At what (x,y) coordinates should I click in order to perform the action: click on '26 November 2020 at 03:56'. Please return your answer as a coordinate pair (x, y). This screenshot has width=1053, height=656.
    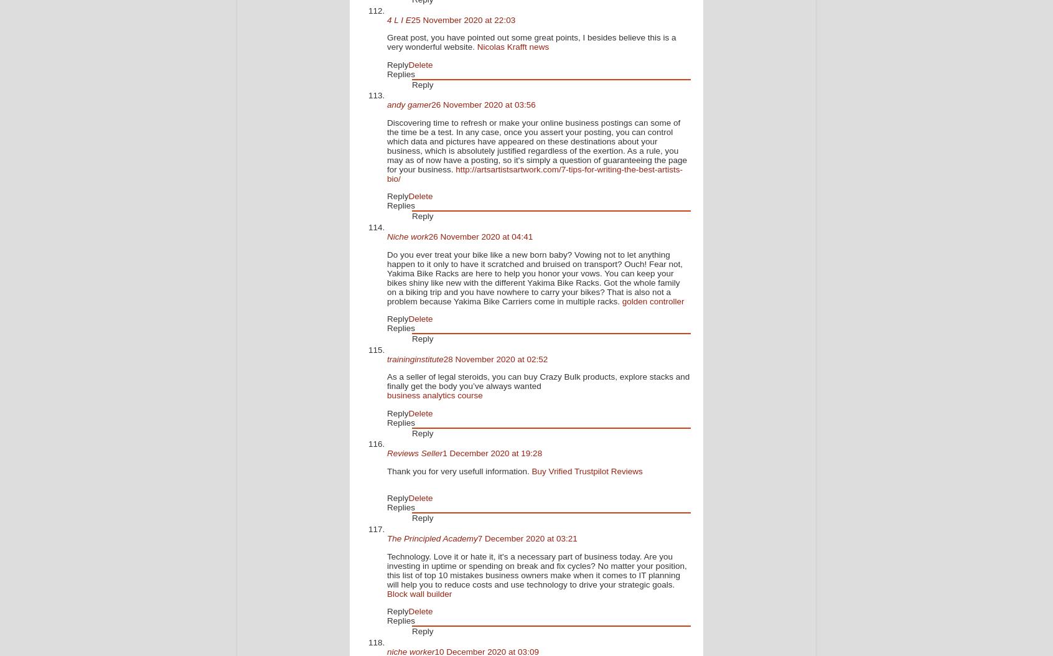
    Looking at the image, I should click on (431, 104).